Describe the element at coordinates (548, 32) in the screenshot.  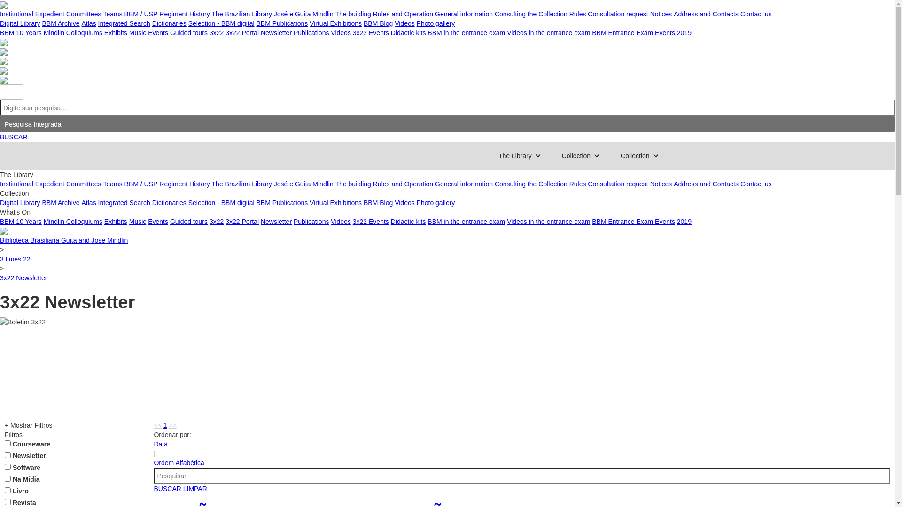
I see `'Videos in the entrance exam'` at that location.